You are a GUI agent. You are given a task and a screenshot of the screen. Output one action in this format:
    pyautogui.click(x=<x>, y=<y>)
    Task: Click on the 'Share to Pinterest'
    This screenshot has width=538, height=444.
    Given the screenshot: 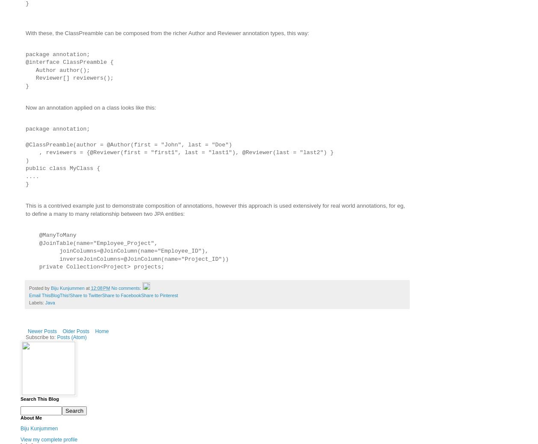 What is the action you would take?
    pyautogui.click(x=159, y=295)
    